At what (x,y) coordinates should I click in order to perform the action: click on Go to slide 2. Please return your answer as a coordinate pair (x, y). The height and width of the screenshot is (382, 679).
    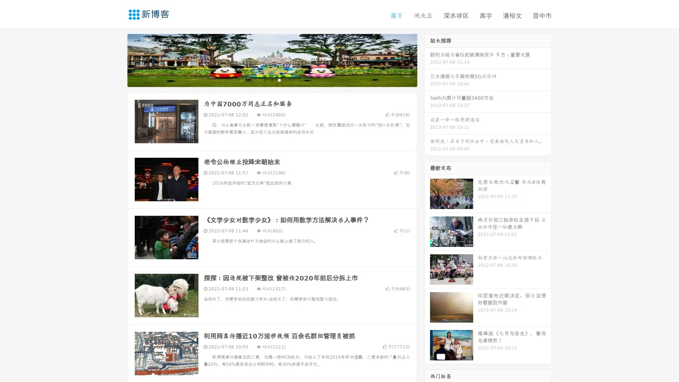
    Looking at the image, I should click on (272, 80).